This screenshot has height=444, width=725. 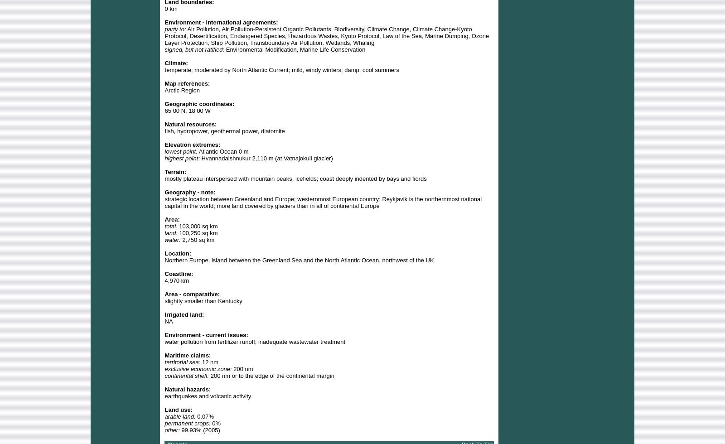 What do you see at coordinates (164, 226) in the screenshot?
I see `'total:'` at bounding box center [164, 226].